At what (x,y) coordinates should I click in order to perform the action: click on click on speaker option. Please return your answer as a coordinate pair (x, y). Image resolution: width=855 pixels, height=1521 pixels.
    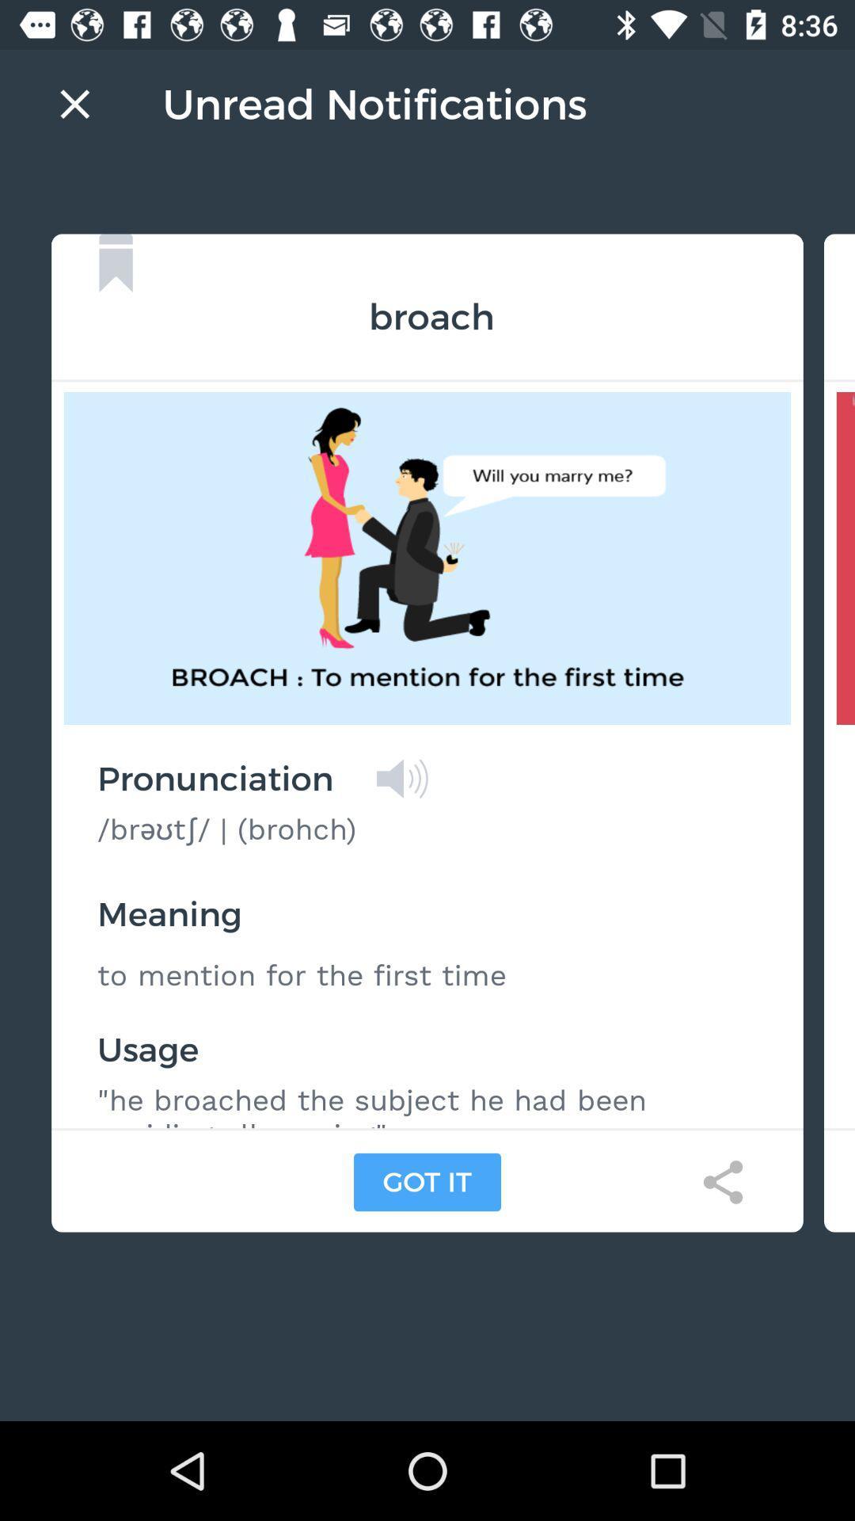
    Looking at the image, I should click on (401, 779).